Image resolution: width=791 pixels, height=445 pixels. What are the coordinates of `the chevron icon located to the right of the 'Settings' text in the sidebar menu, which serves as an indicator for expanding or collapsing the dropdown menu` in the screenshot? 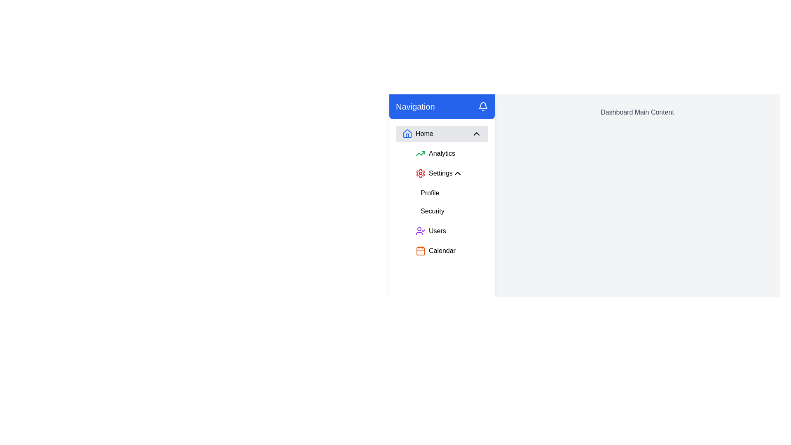 It's located at (457, 173).